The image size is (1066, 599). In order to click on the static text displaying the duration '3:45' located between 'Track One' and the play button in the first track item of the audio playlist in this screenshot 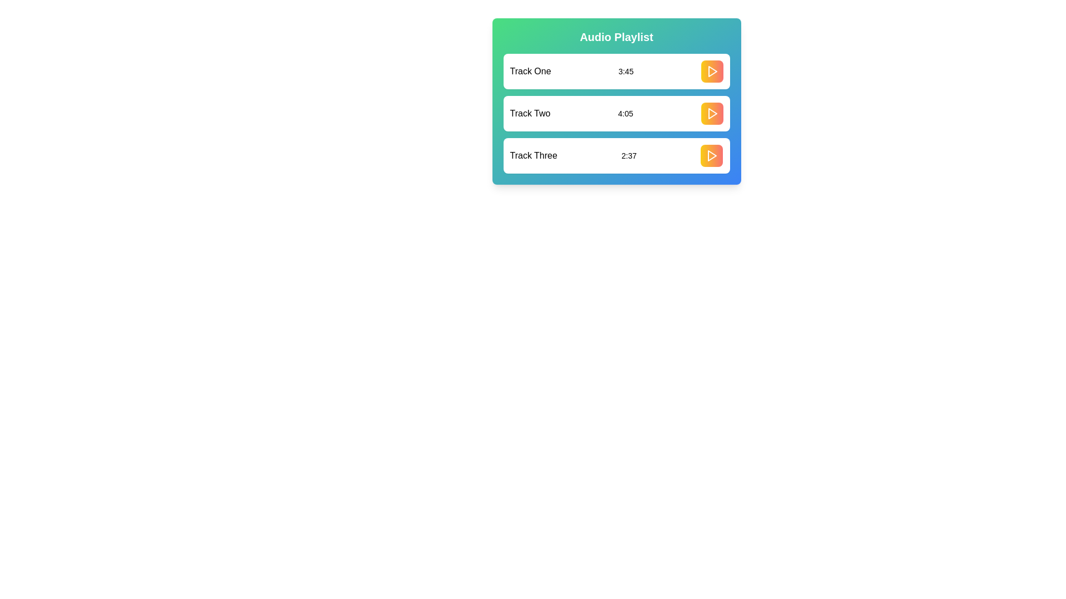, I will do `click(626, 71)`.